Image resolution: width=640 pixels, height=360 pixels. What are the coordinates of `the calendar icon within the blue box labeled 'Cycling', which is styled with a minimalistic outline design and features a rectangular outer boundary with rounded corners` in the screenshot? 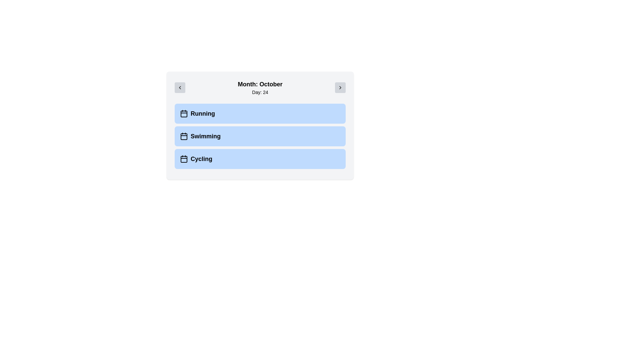 It's located at (184, 159).